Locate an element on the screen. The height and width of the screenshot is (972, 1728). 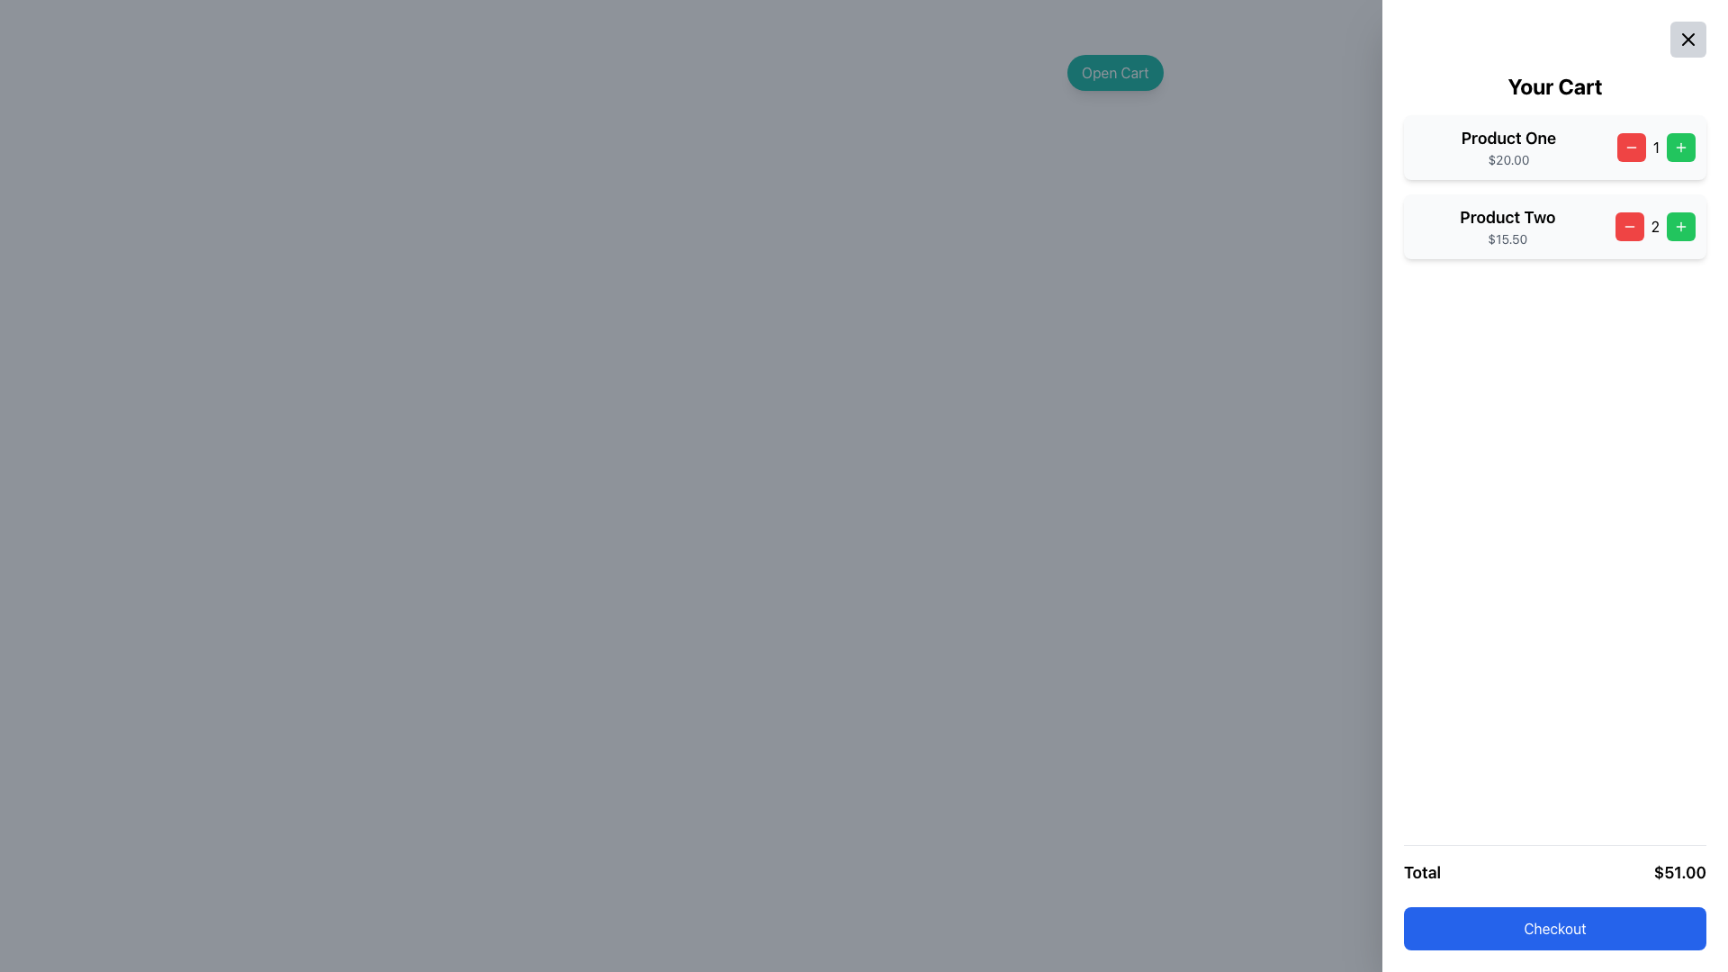
the 'Total' label which displays the total cost in bold font, located at the bottom left of the cart summary panel is located at coordinates (1421, 871).